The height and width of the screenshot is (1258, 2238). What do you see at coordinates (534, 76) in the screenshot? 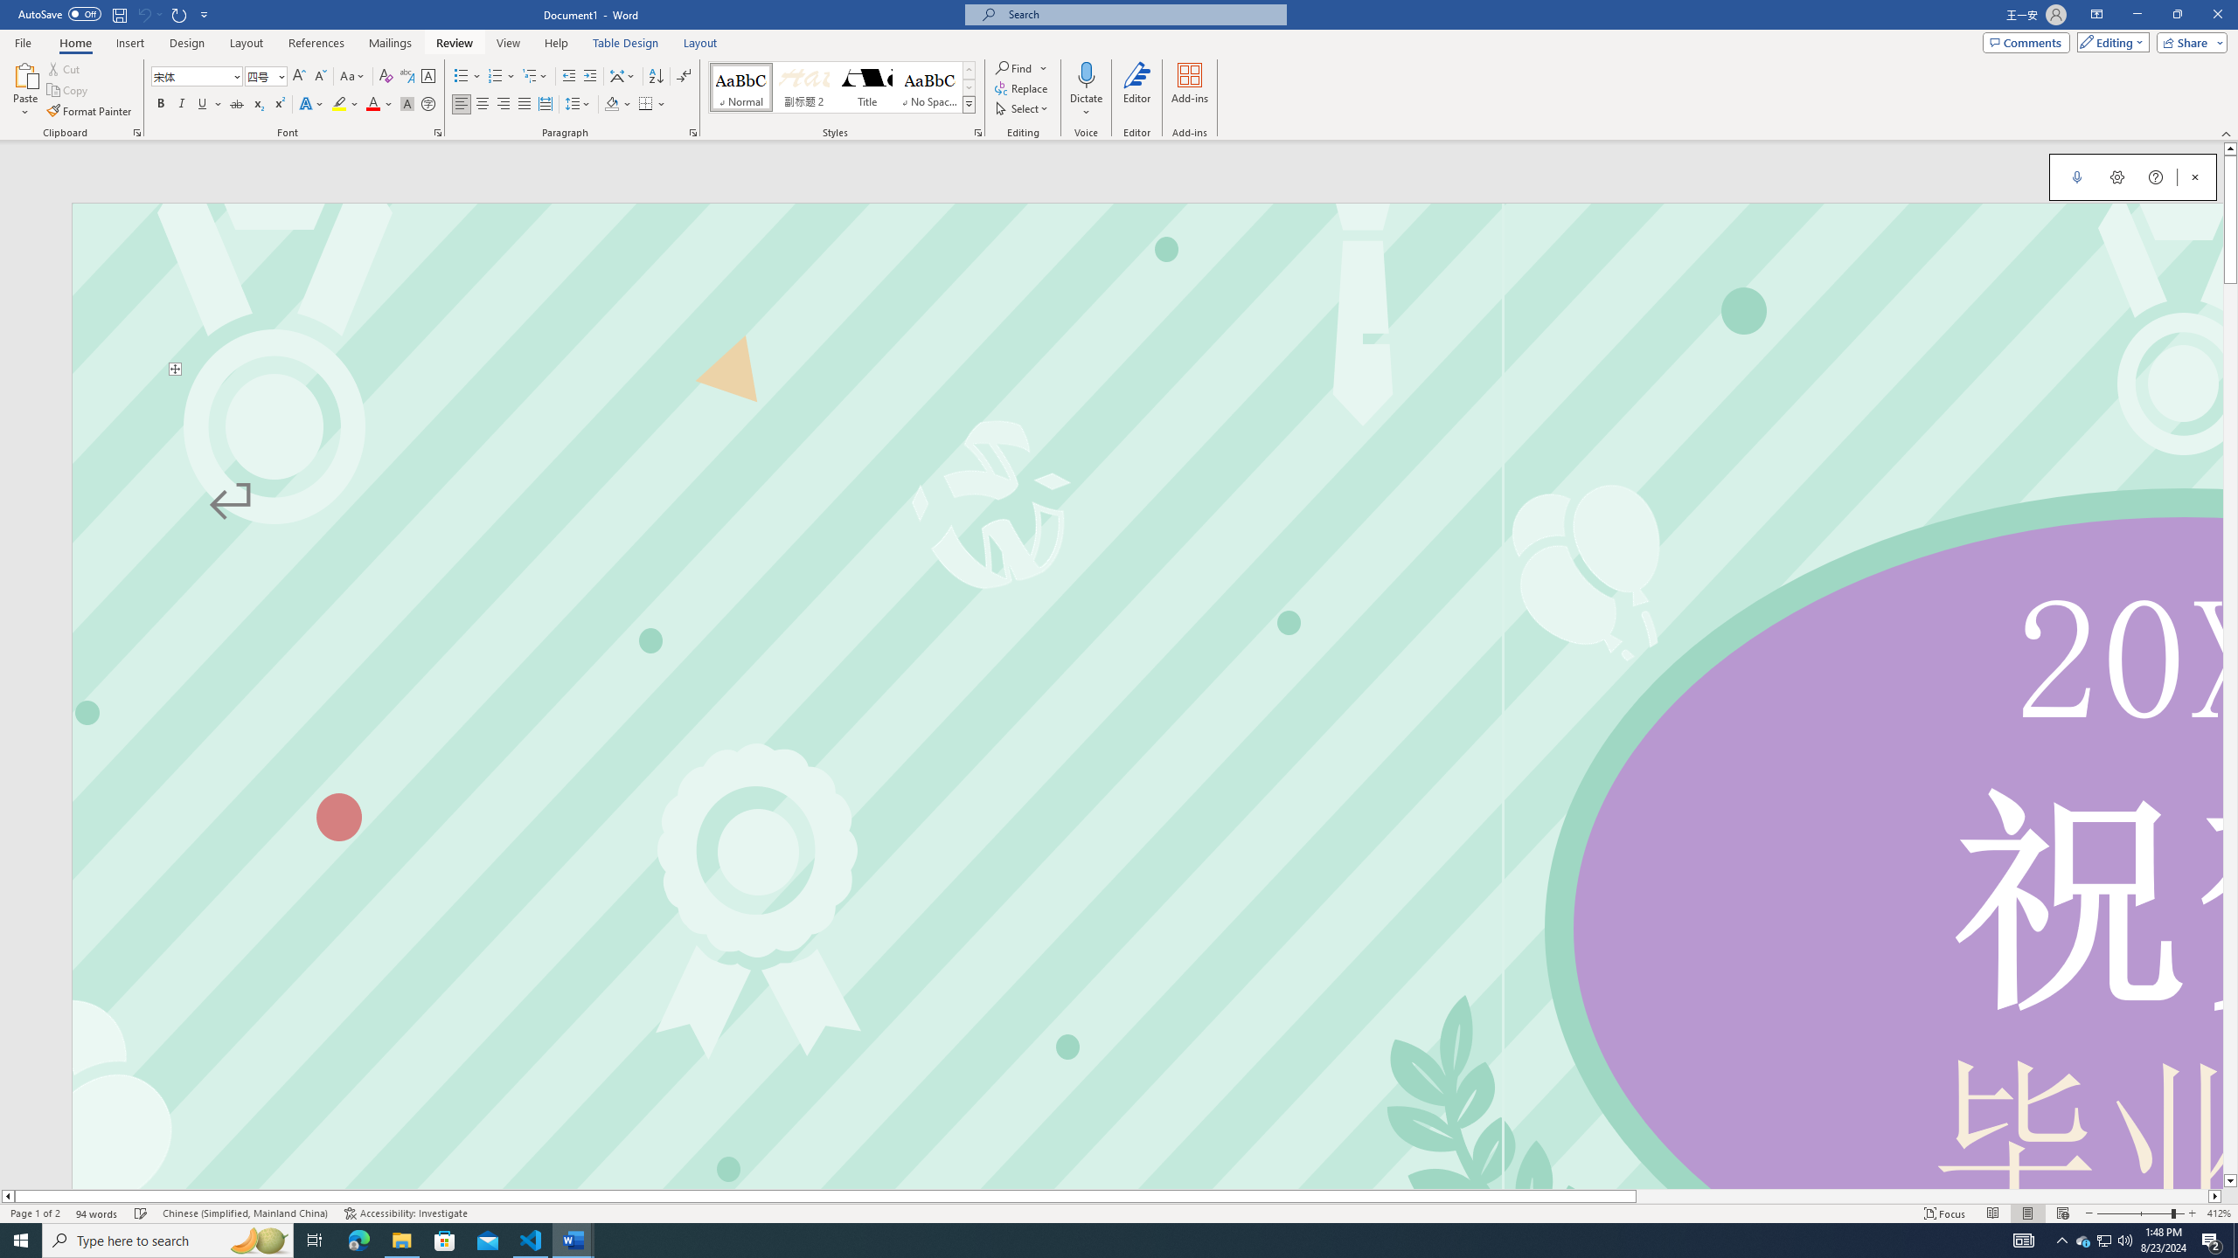
I see `'Multilevel List'` at bounding box center [534, 76].